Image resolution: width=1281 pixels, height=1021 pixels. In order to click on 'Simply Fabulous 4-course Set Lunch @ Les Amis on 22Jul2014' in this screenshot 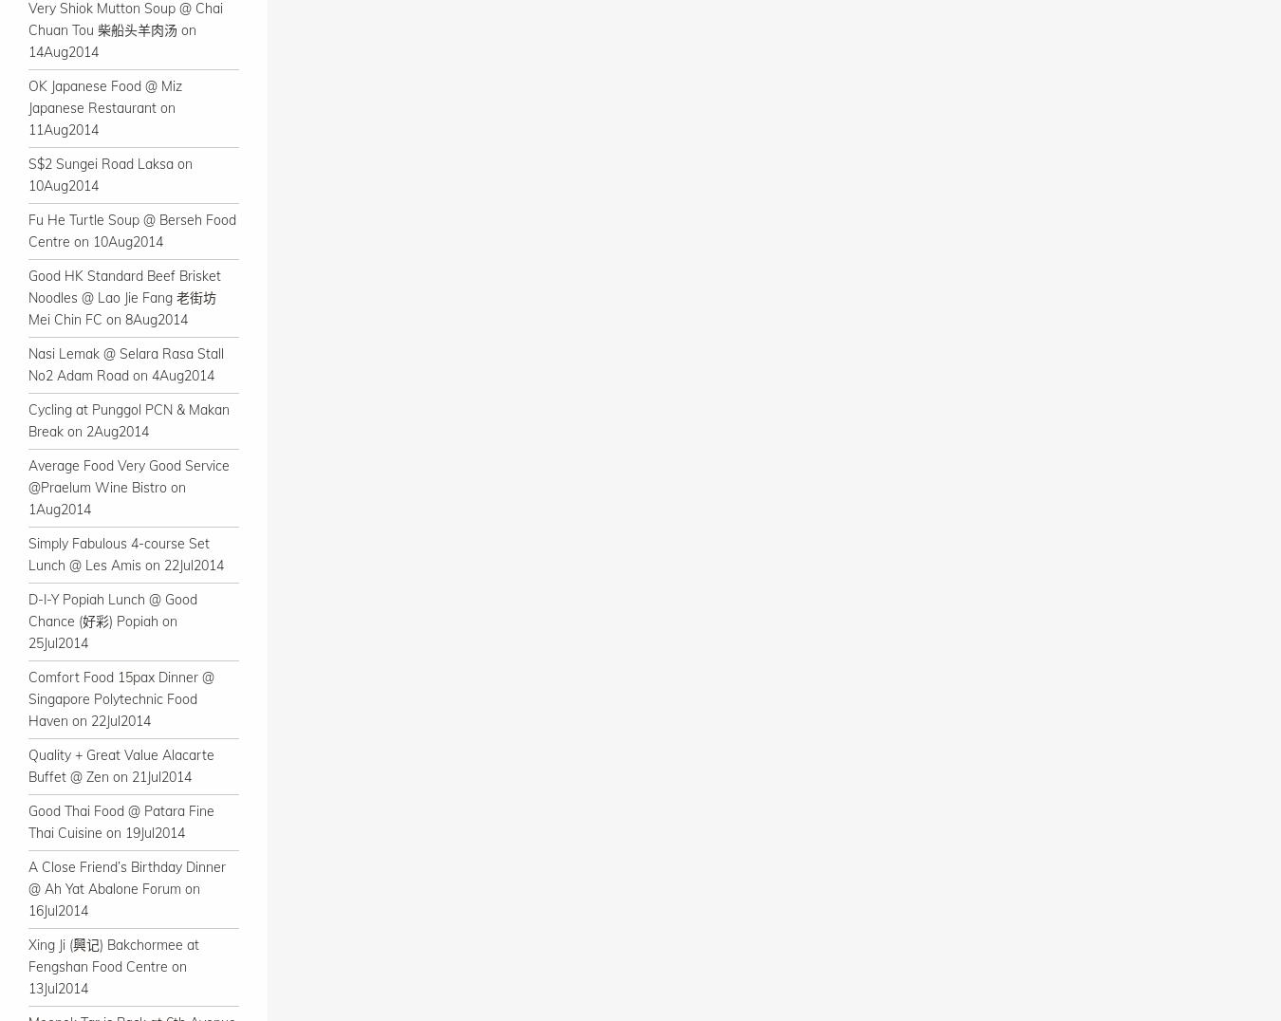, I will do `click(125, 554)`.